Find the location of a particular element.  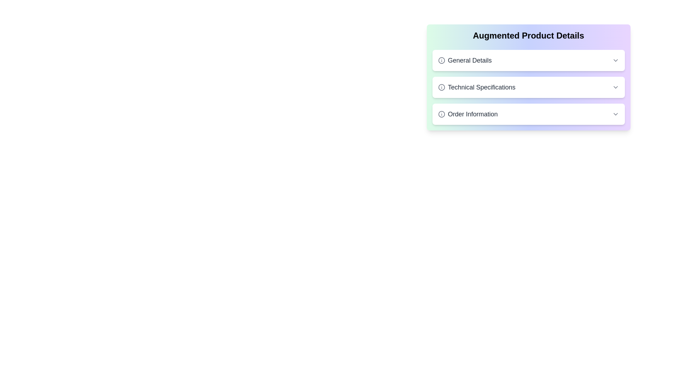

the SVG Circle element located in the second row of the accordion-style menu under 'Technical Specifications' is located at coordinates (441, 87).